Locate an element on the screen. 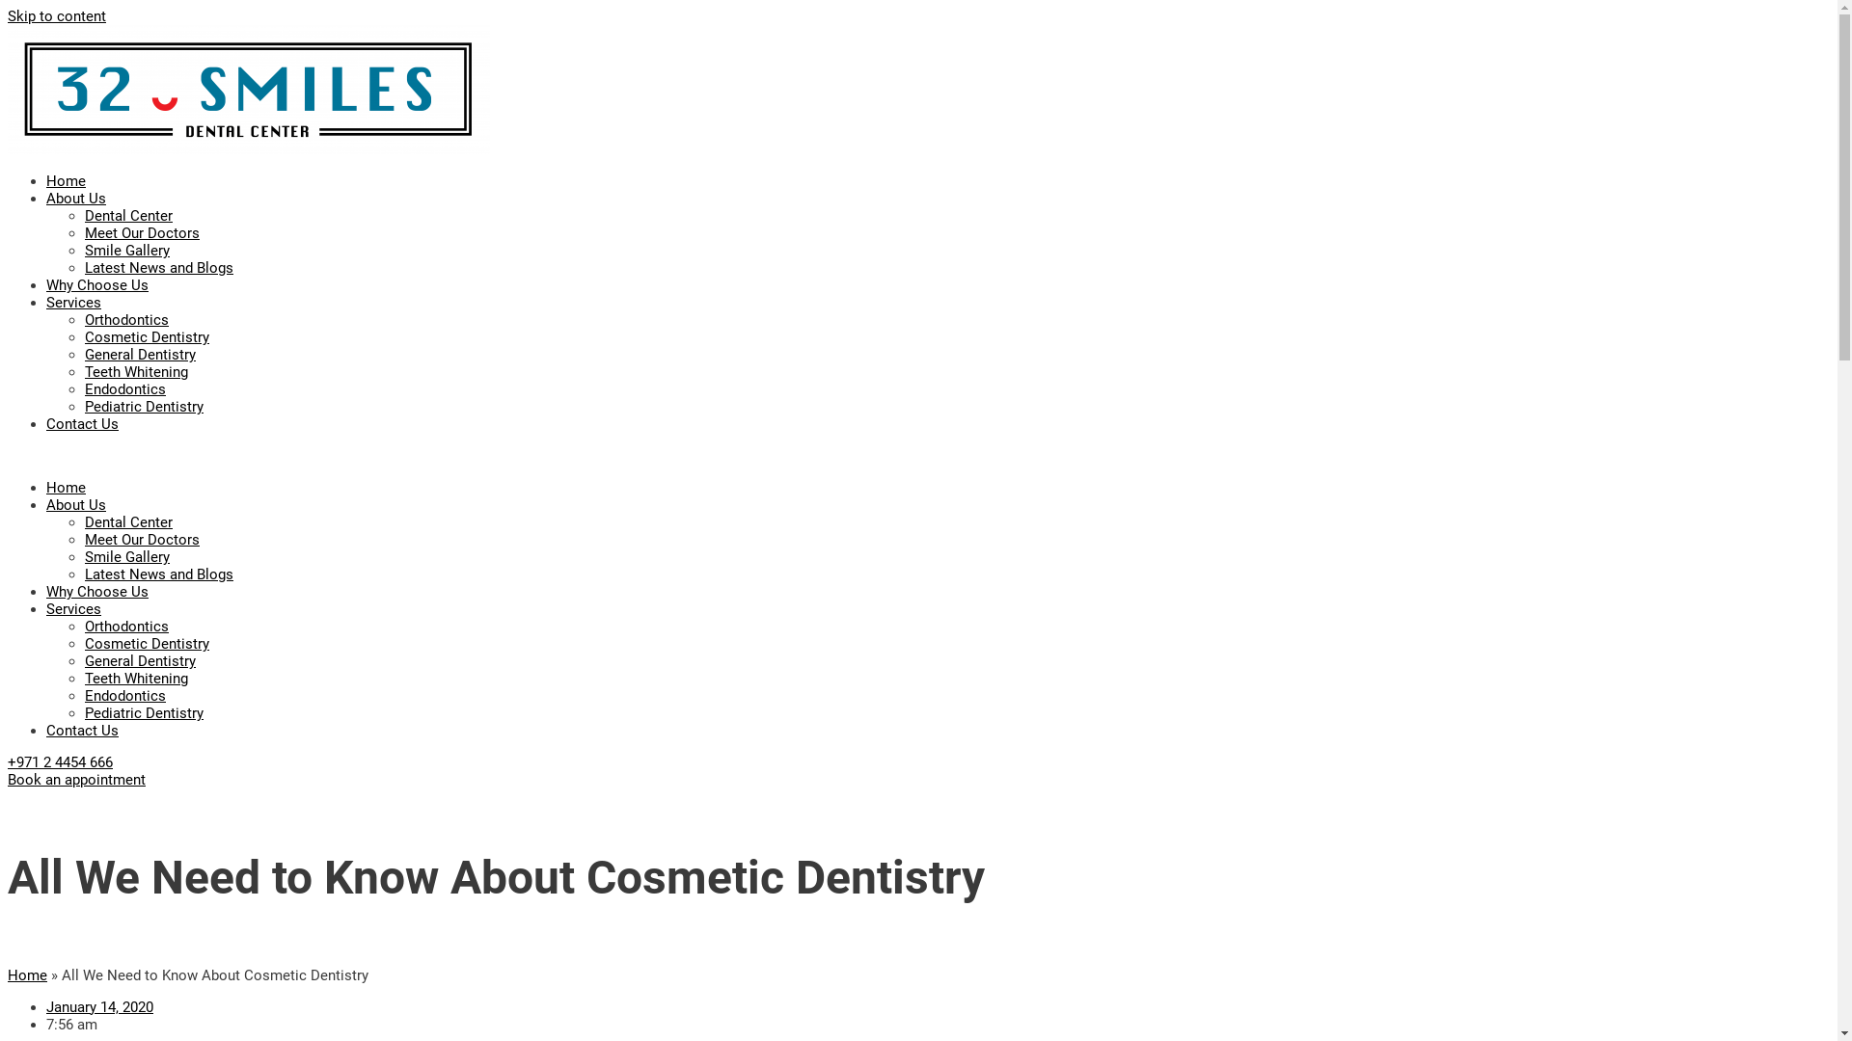  'Contact Us' is located at coordinates (81, 731).